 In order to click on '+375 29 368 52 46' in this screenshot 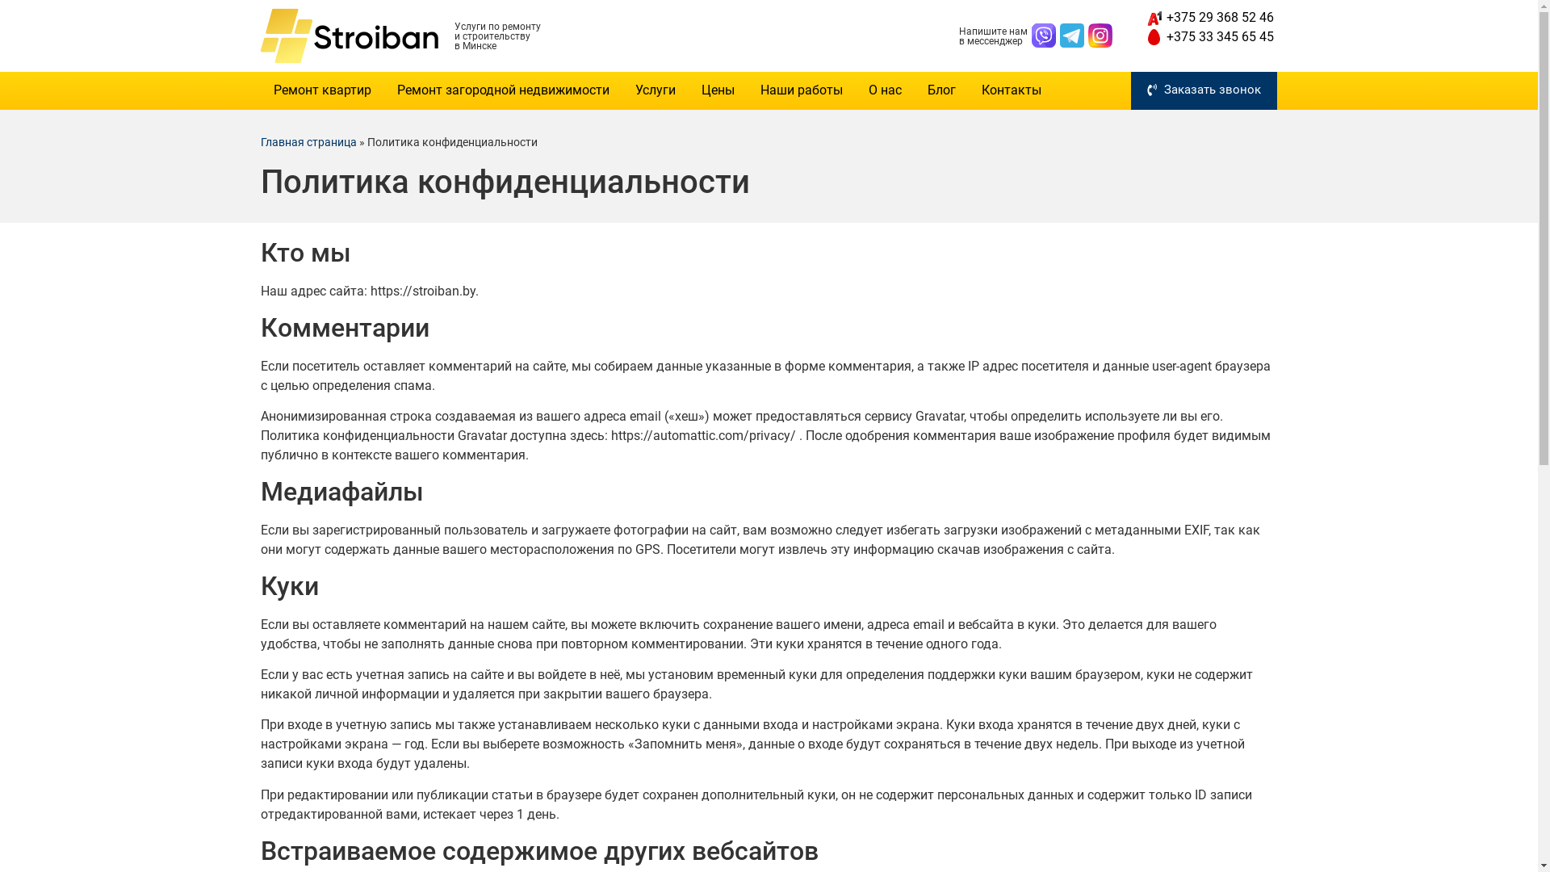, I will do `click(1142, 18)`.